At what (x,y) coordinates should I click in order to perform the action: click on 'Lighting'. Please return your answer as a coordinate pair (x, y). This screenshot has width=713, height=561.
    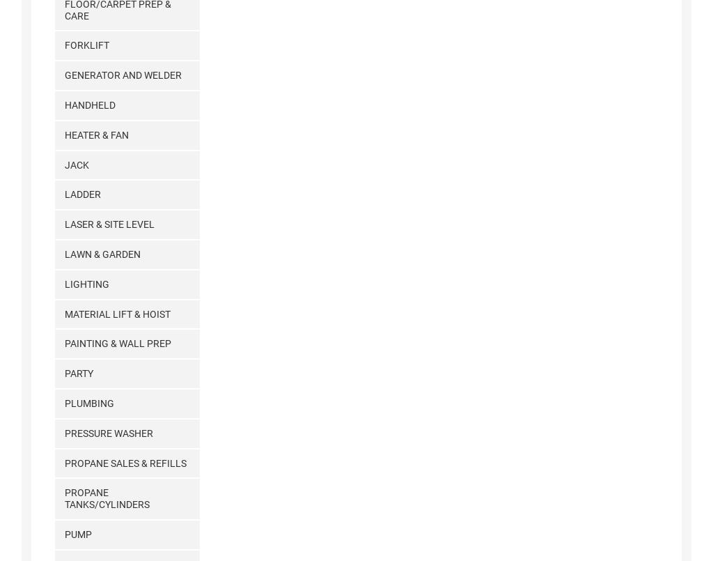
    Looking at the image, I should click on (63, 283).